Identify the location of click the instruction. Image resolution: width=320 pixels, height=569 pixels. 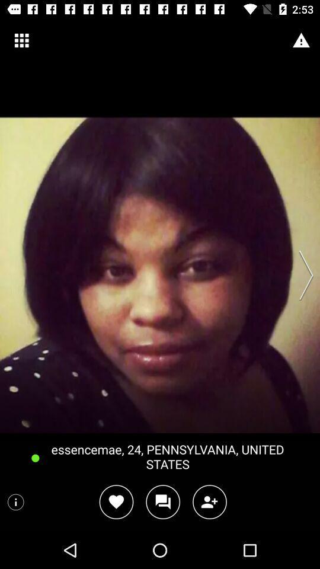
(15, 501).